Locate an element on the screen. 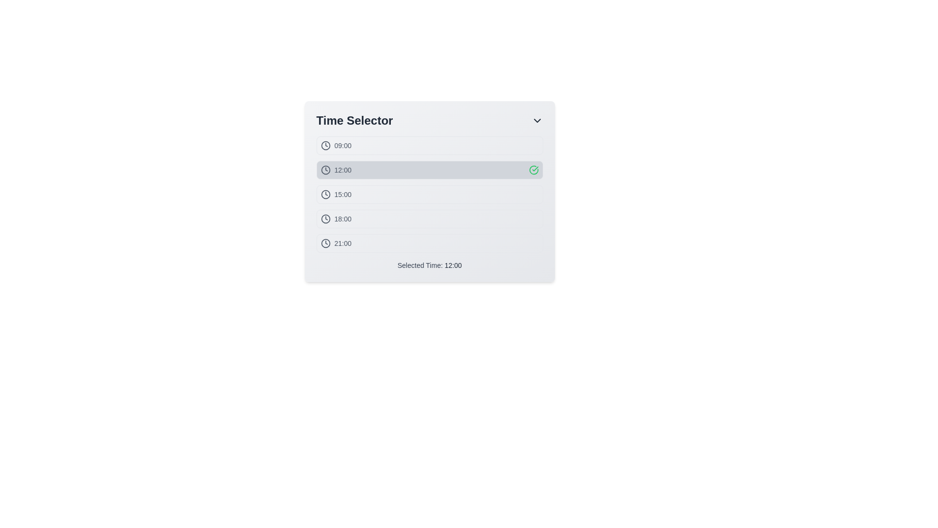  the button labeled '18:00' which has a light gray background and a clock icon, located in the time selector interface is located at coordinates (429, 218).